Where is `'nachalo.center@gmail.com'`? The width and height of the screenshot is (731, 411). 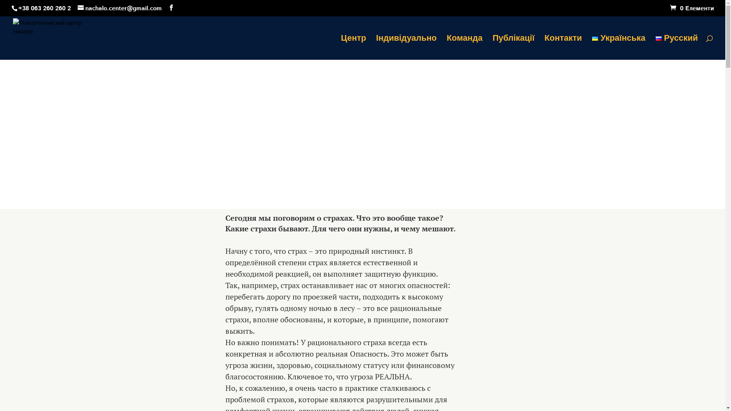 'nachalo.center@gmail.com' is located at coordinates (119, 8).